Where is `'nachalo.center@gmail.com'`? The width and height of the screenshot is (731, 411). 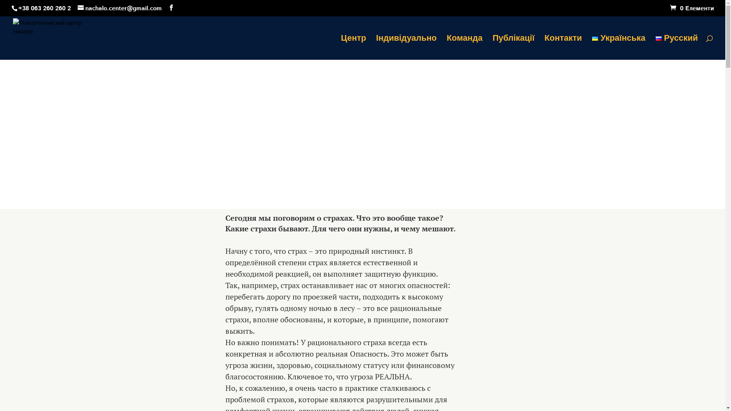 'nachalo.center@gmail.com' is located at coordinates (119, 8).